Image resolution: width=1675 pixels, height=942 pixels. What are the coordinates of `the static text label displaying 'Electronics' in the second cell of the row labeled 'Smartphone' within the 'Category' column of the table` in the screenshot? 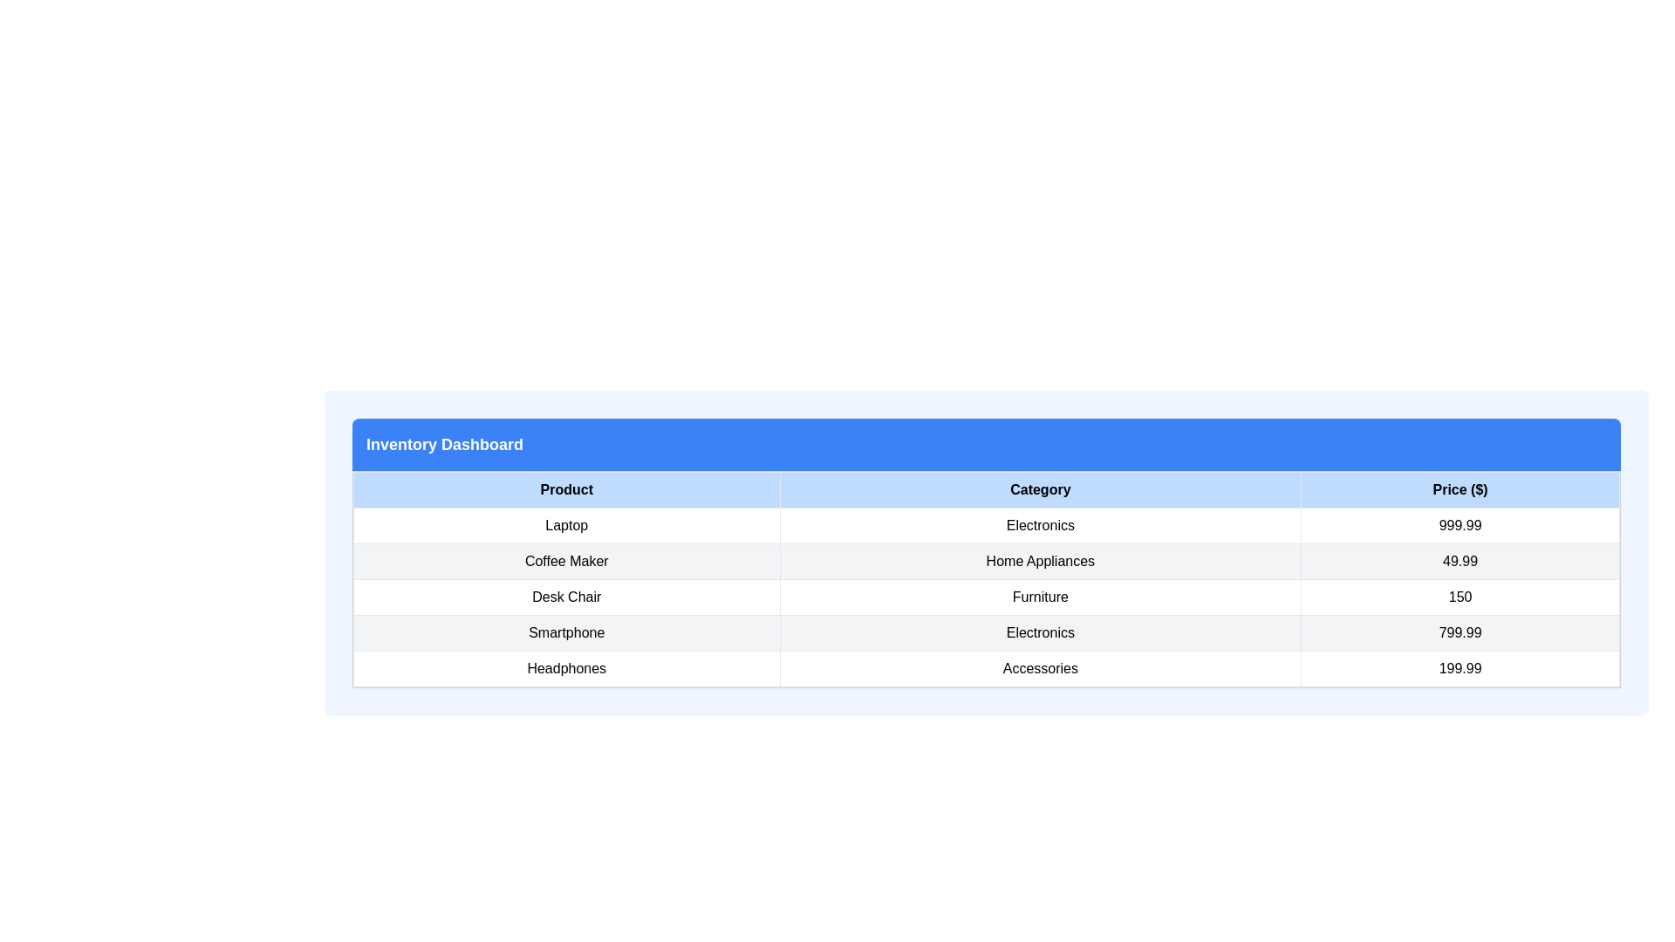 It's located at (1040, 632).